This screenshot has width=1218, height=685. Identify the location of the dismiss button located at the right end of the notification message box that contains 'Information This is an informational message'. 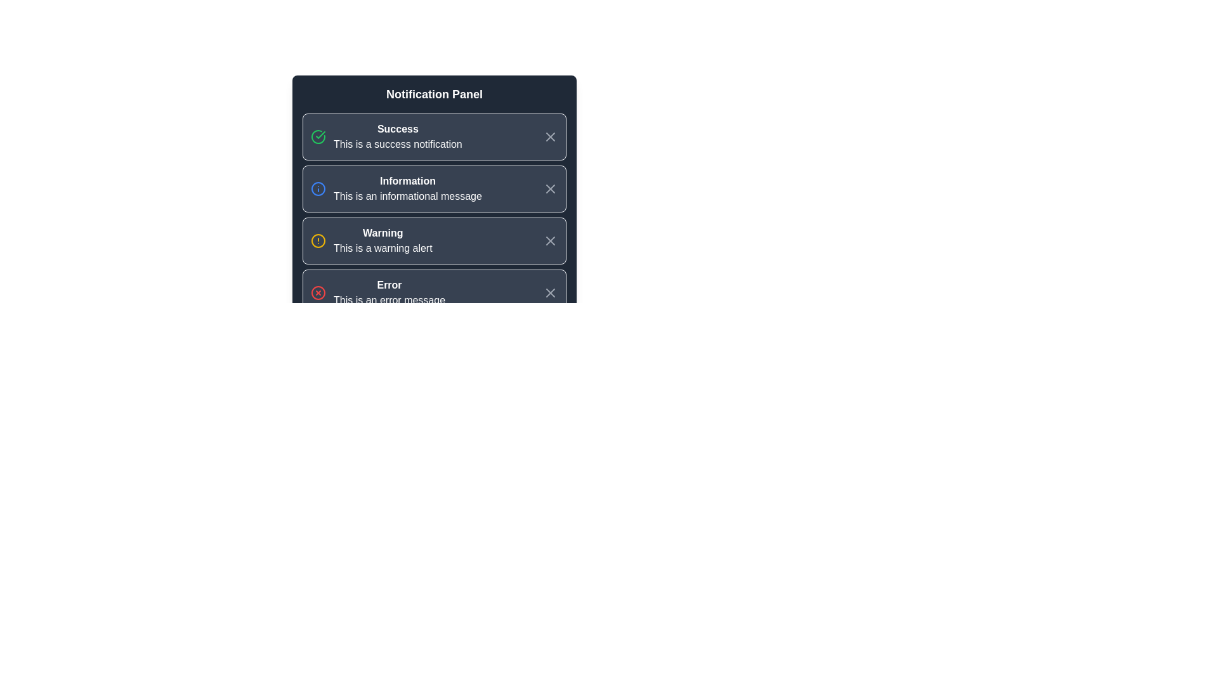
(551, 188).